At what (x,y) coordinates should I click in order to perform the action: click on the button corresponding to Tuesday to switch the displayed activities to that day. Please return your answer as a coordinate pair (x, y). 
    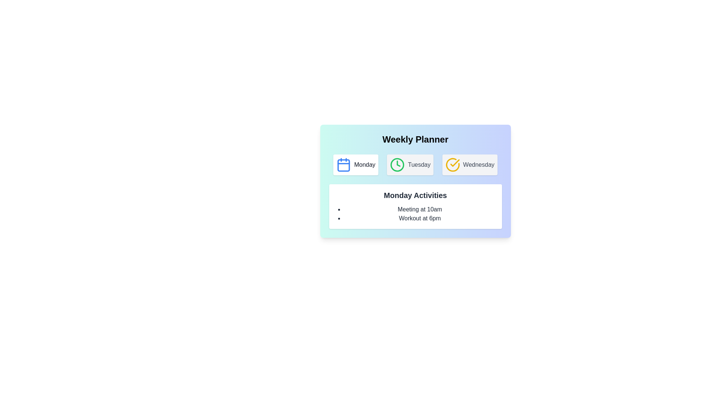
    Looking at the image, I should click on (410, 165).